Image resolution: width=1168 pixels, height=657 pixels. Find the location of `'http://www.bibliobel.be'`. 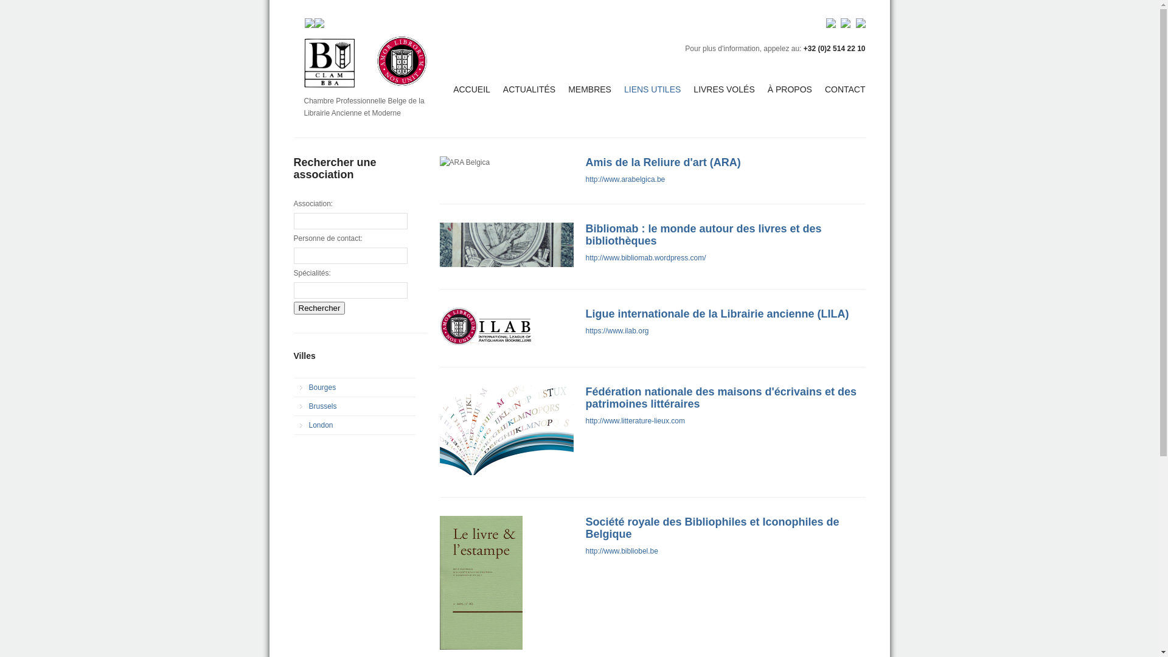

'http://www.bibliobel.be' is located at coordinates (621, 551).